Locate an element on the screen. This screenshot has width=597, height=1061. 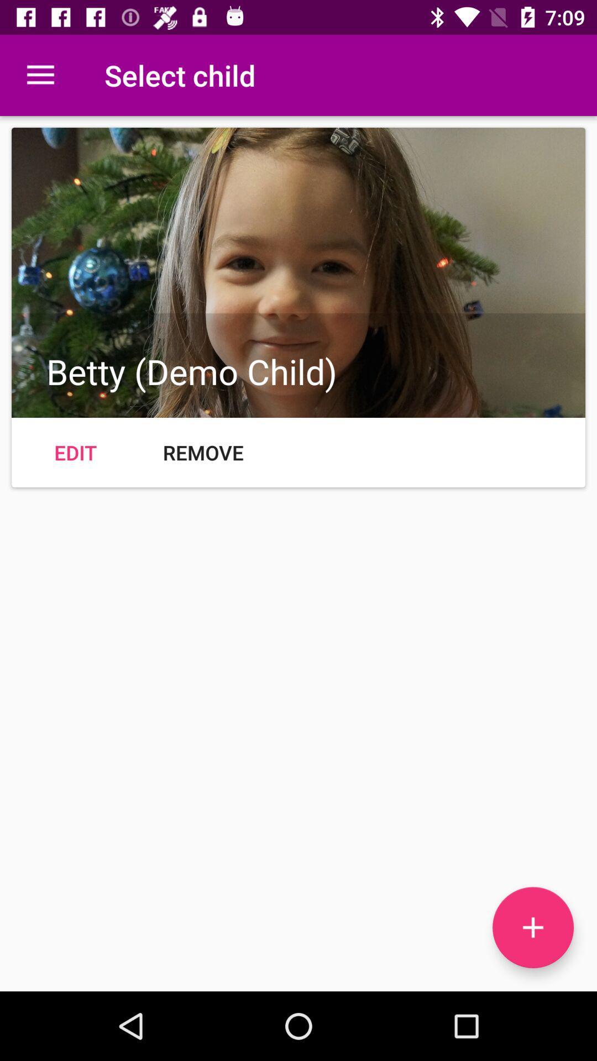
edit is located at coordinates (75, 453).